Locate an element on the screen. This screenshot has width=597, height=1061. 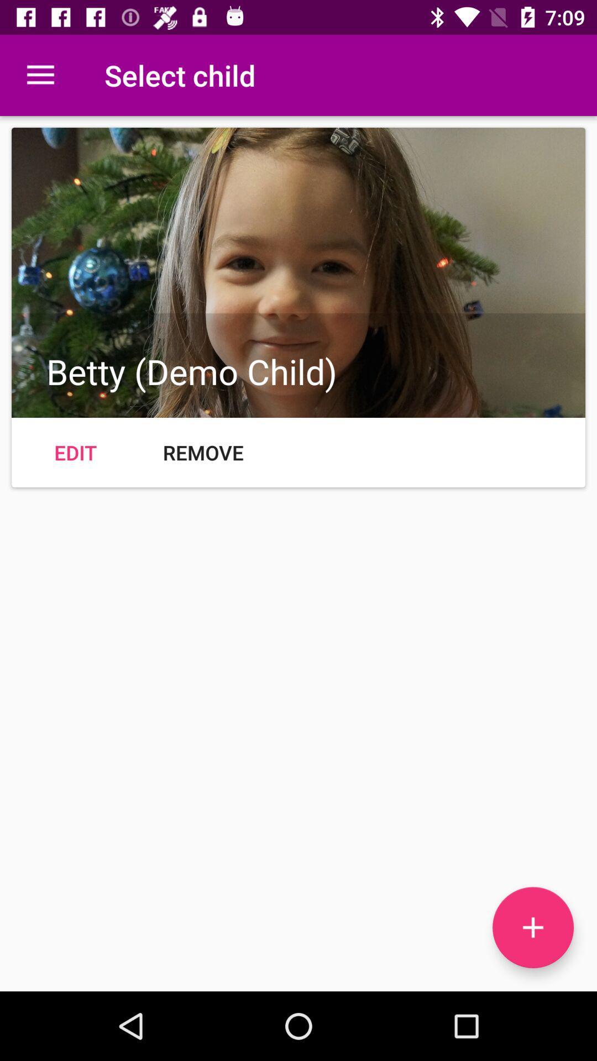
edit is located at coordinates (75, 453).